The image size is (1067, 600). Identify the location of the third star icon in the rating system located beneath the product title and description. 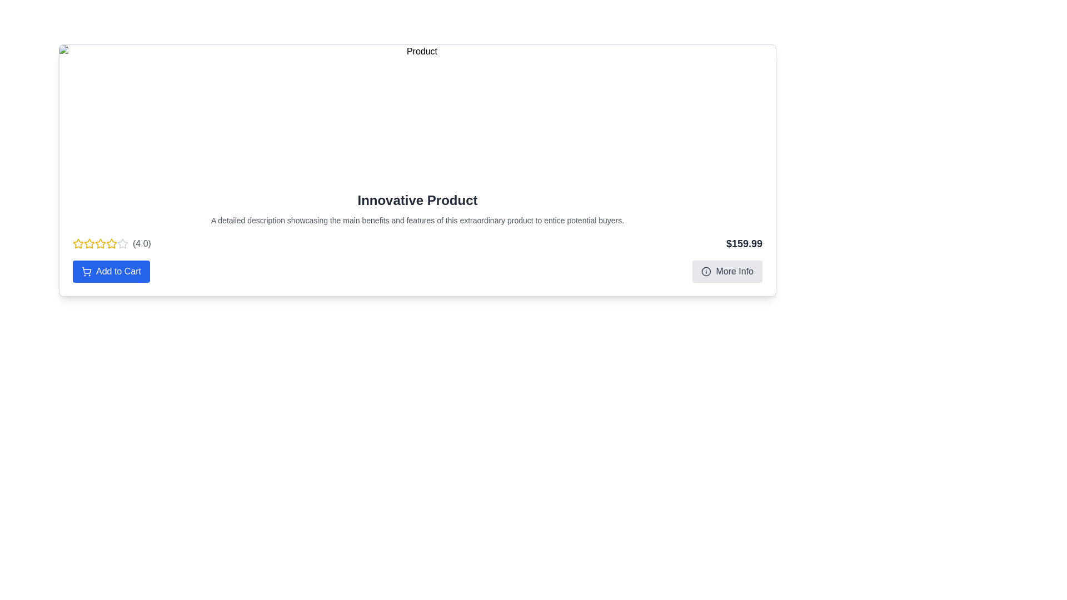
(89, 243).